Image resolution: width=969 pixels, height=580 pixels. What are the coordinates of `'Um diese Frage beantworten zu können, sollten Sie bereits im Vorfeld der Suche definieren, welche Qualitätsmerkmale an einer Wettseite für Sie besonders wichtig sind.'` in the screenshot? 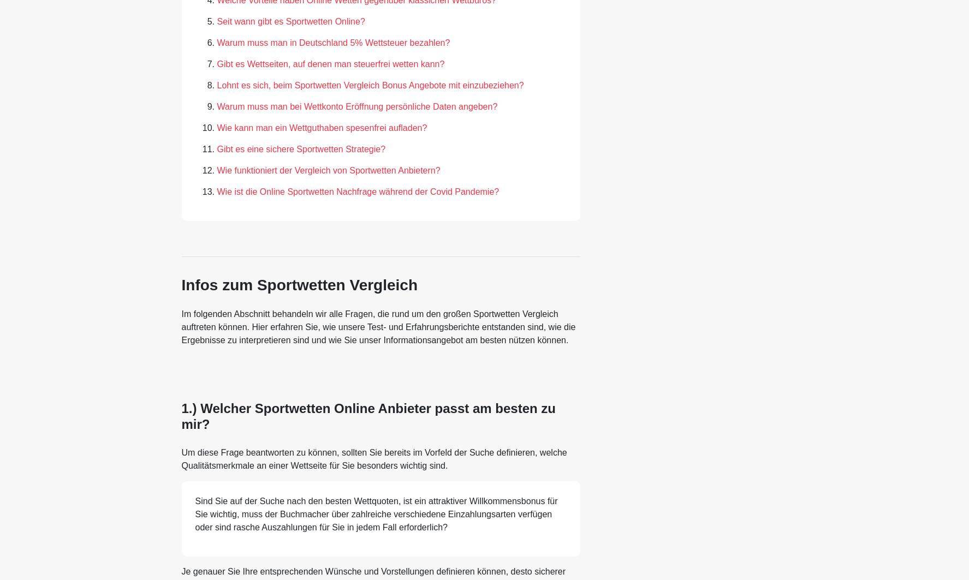 It's located at (373, 458).